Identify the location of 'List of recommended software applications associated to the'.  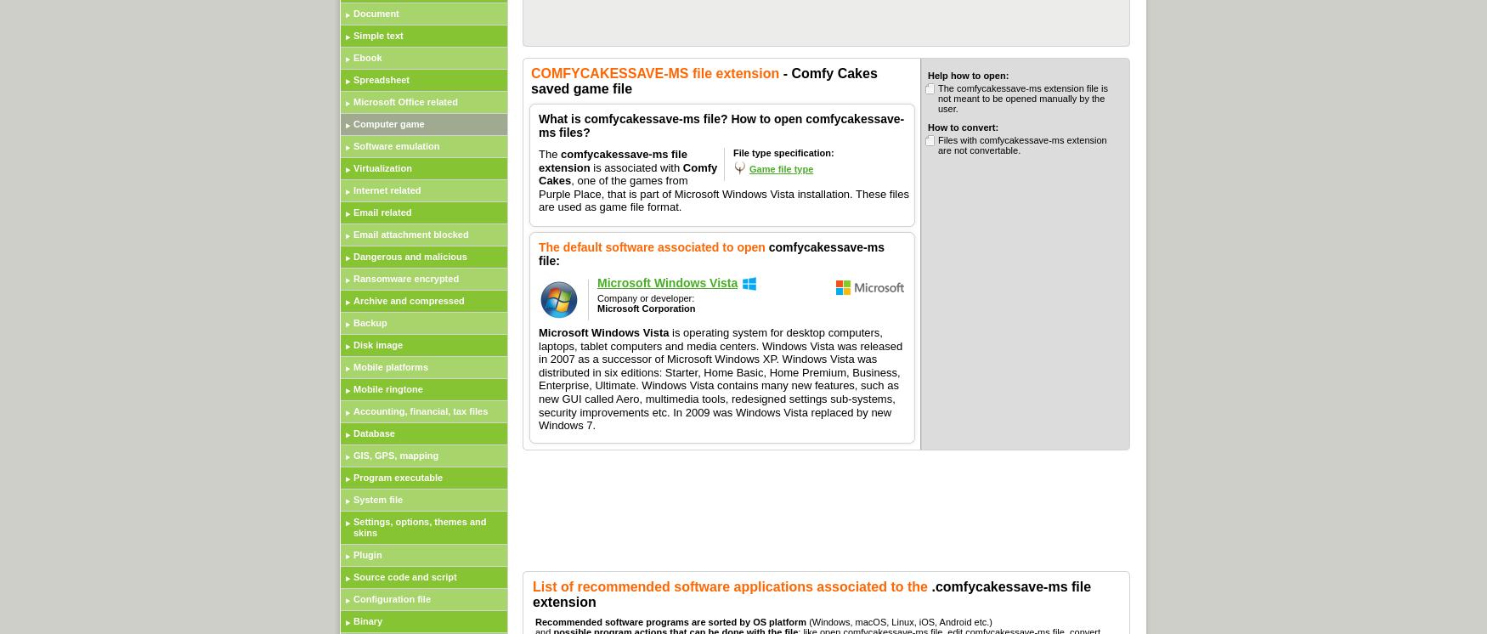
(732, 586).